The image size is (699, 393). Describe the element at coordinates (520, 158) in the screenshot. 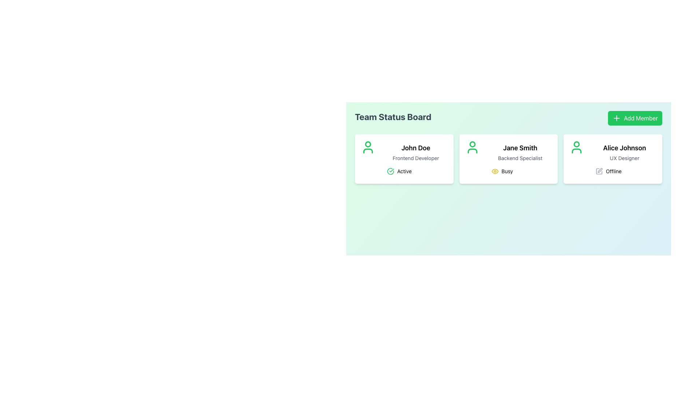

I see `the Text Display Group element displaying 'Jane Smith', which features a bold name, a gray role 'Backend Specialist', and a yellow eye icon indicating status 'Busy'` at that location.